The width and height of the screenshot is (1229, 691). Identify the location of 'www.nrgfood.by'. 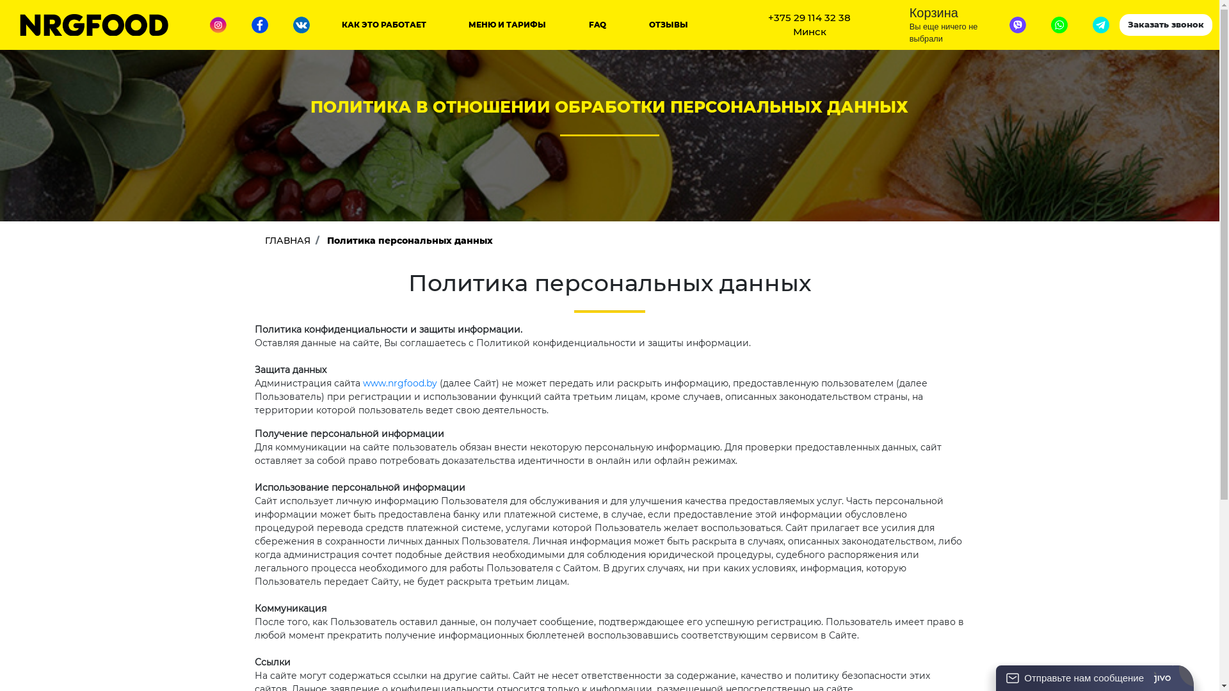
(399, 382).